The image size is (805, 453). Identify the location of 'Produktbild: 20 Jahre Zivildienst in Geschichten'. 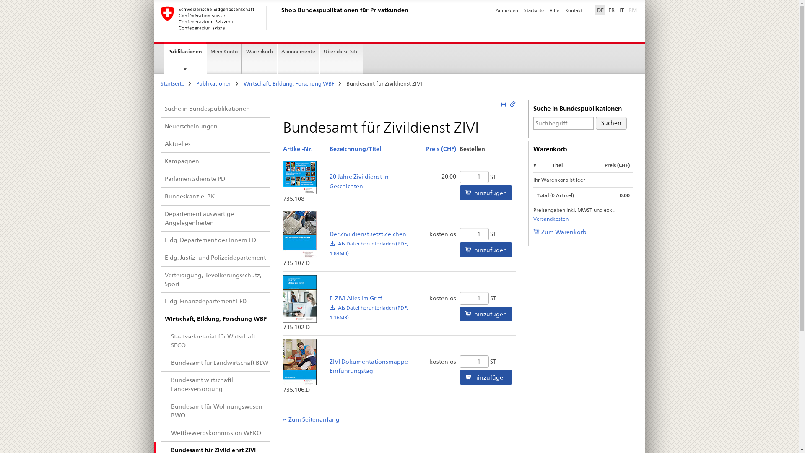
(283, 177).